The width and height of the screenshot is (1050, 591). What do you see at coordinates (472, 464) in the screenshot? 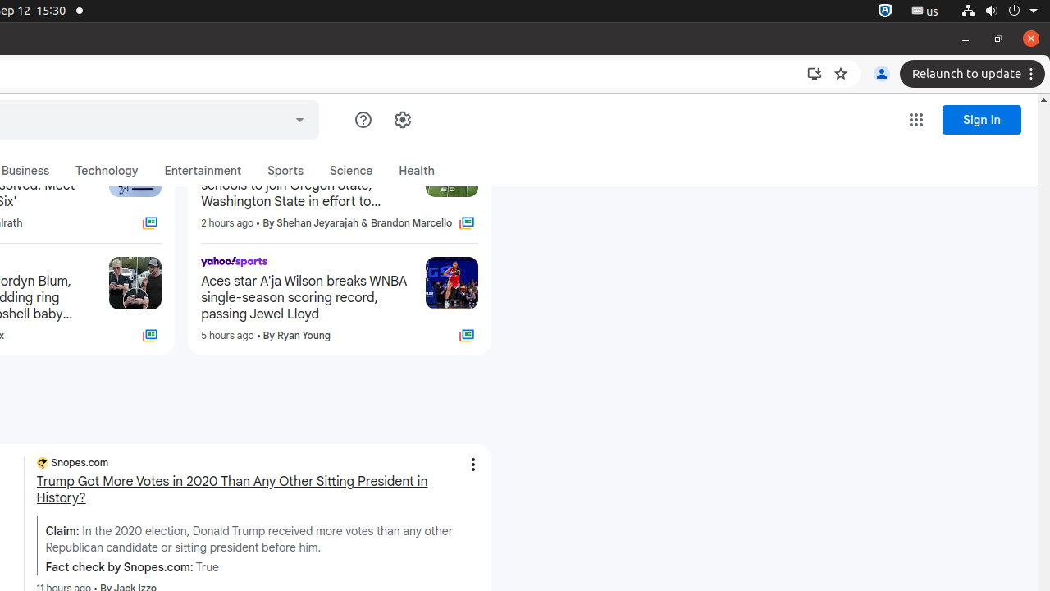
I see `'More - Trump Got More Votes in 2020 Than Any Other Sitting President in History?'` at bounding box center [472, 464].